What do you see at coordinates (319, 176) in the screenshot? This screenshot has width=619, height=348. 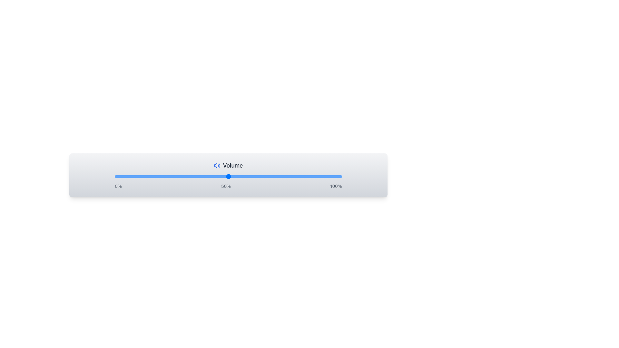 I see `the volume` at bounding box center [319, 176].